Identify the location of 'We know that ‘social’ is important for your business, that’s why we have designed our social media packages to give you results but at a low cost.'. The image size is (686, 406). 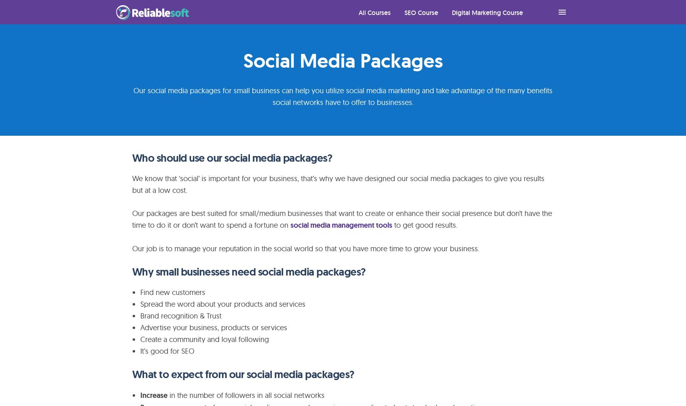
(337, 184).